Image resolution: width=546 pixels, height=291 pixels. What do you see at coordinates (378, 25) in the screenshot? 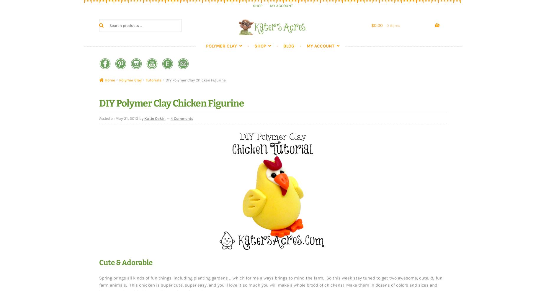
I see `'0.00'` at bounding box center [378, 25].